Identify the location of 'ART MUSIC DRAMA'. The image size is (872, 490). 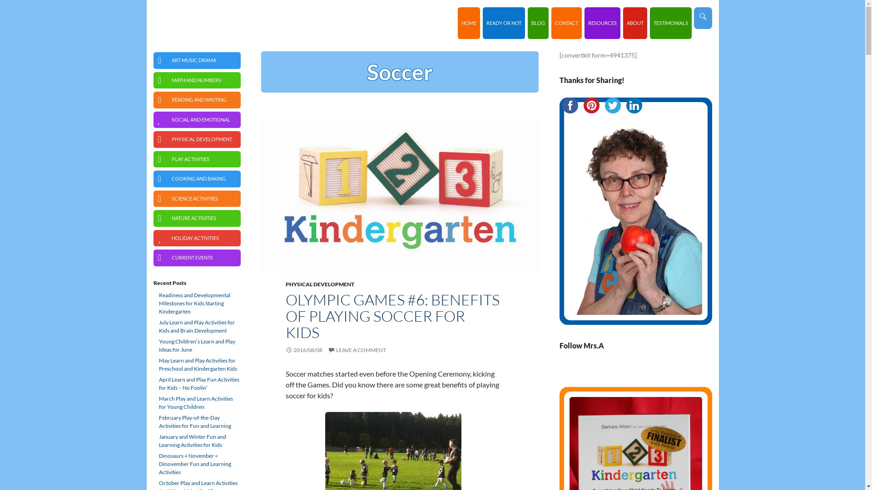
(196, 60).